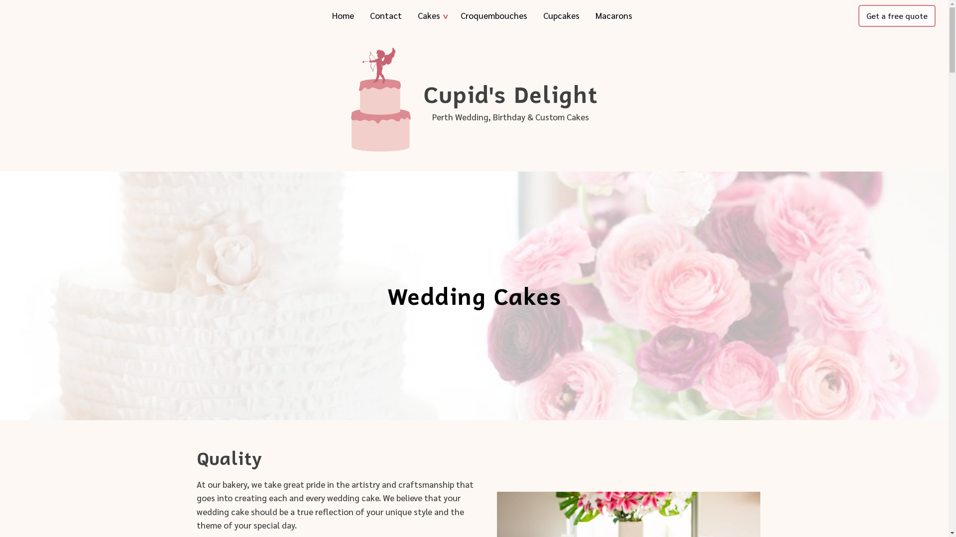 This screenshot has width=956, height=537. I want to click on 'Contact', so click(385, 15).